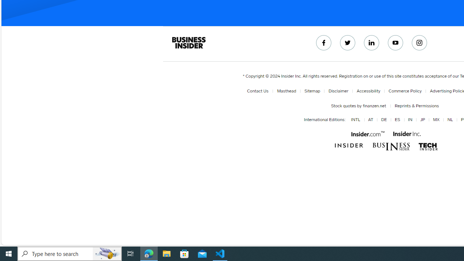 This screenshot has height=261, width=464. Describe the element at coordinates (311, 91) in the screenshot. I see `'Sitemap'` at that location.